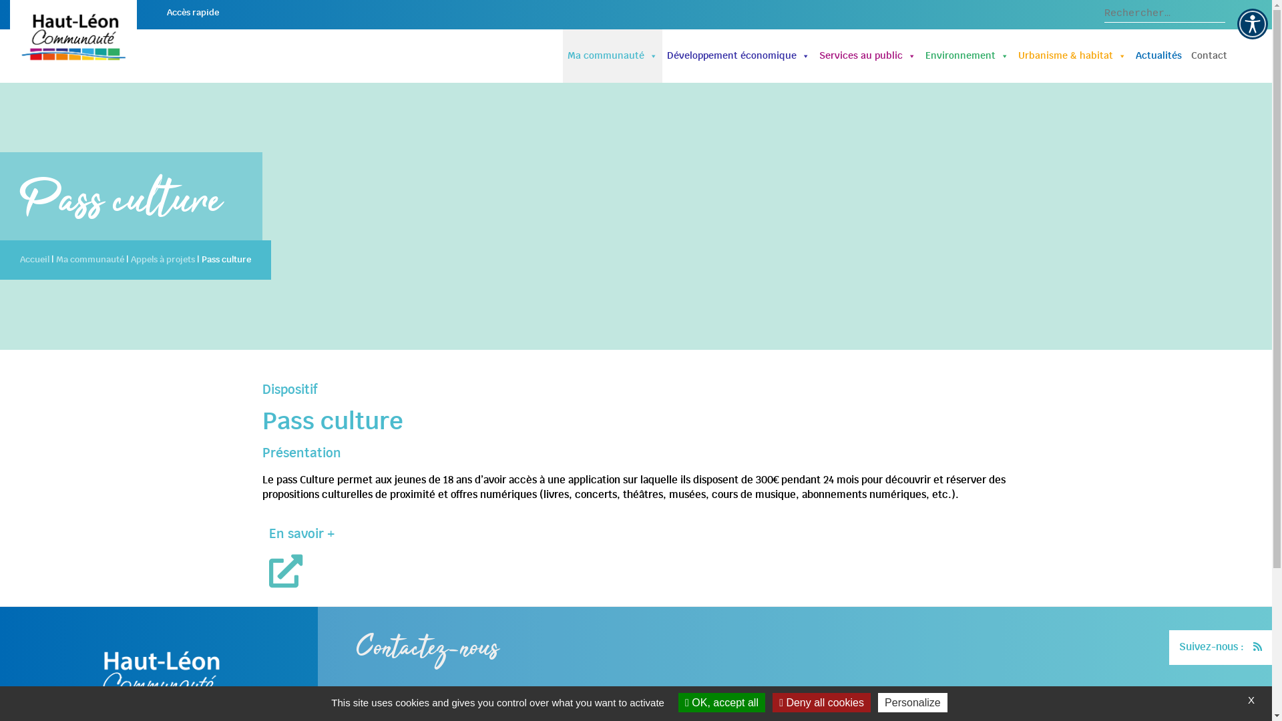 Image resolution: width=1282 pixels, height=721 pixels. What do you see at coordinates (867, 55) in the screenshot?
I see `'Services au public'` at bounding box center [867, 55].